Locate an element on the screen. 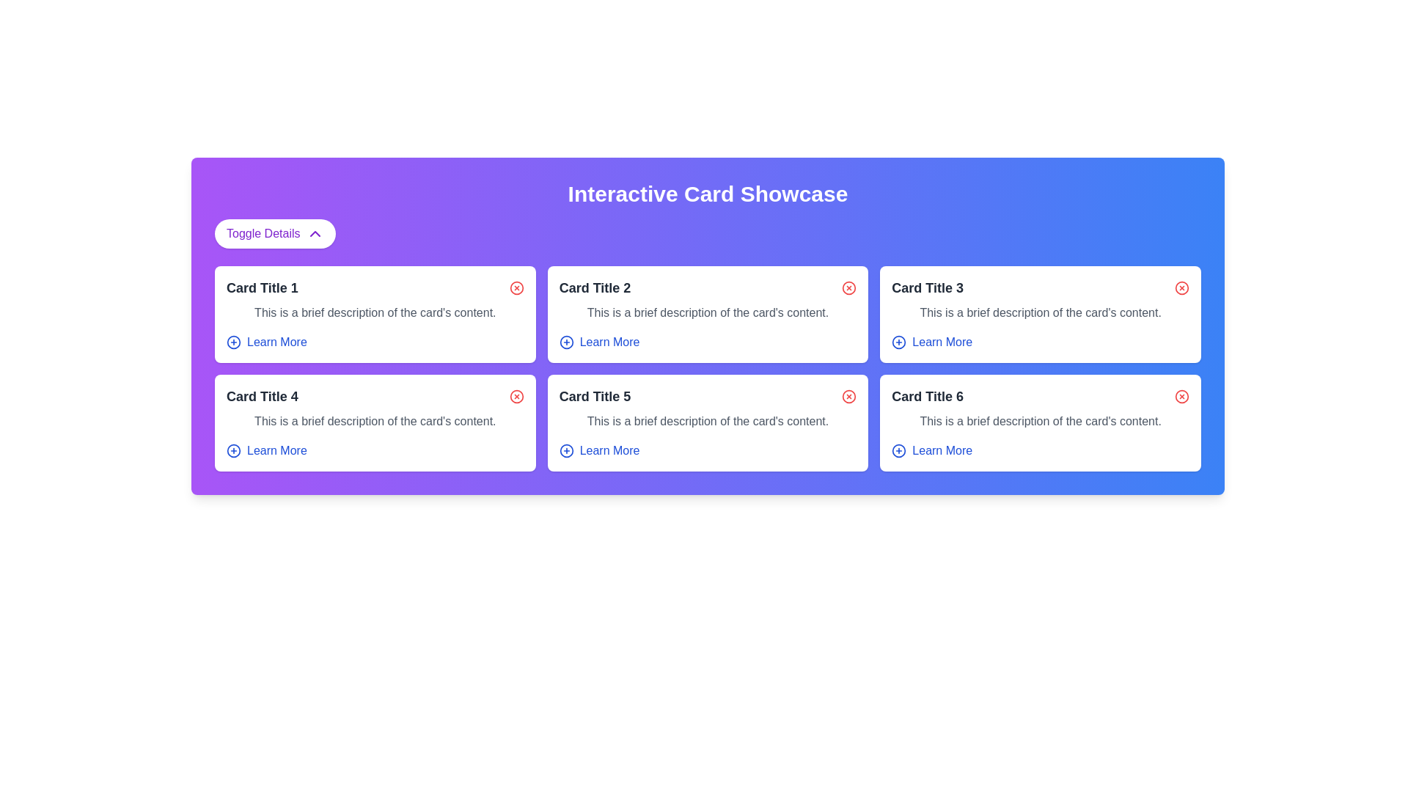  the close/delete icon located in the upper-right corner of the card titled 'Card Title 6' is located at coordinates (1182, 396).